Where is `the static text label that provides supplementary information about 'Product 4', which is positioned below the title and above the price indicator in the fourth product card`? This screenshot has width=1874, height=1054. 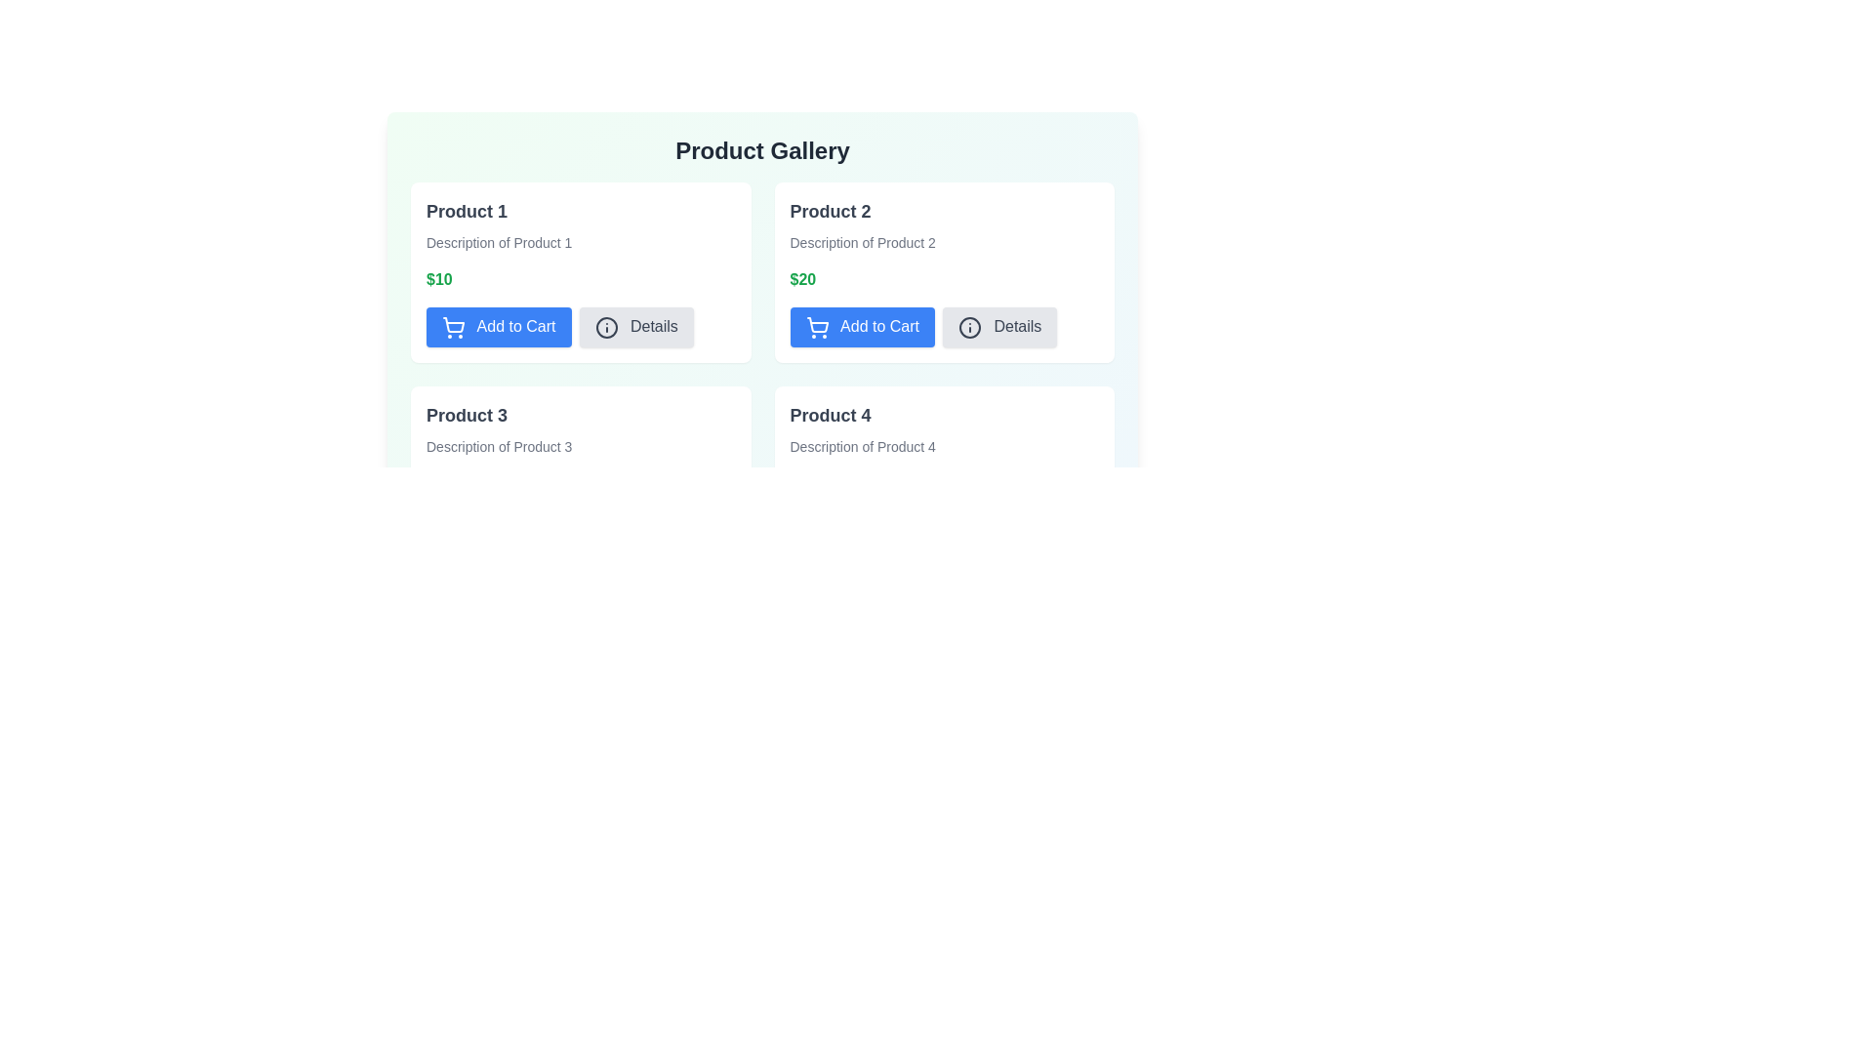
the static text label that provides supplementary information about 'Product 4', which is positioned below the title and above the price indicator in the fourth product card is located at coordinates (862, 446).